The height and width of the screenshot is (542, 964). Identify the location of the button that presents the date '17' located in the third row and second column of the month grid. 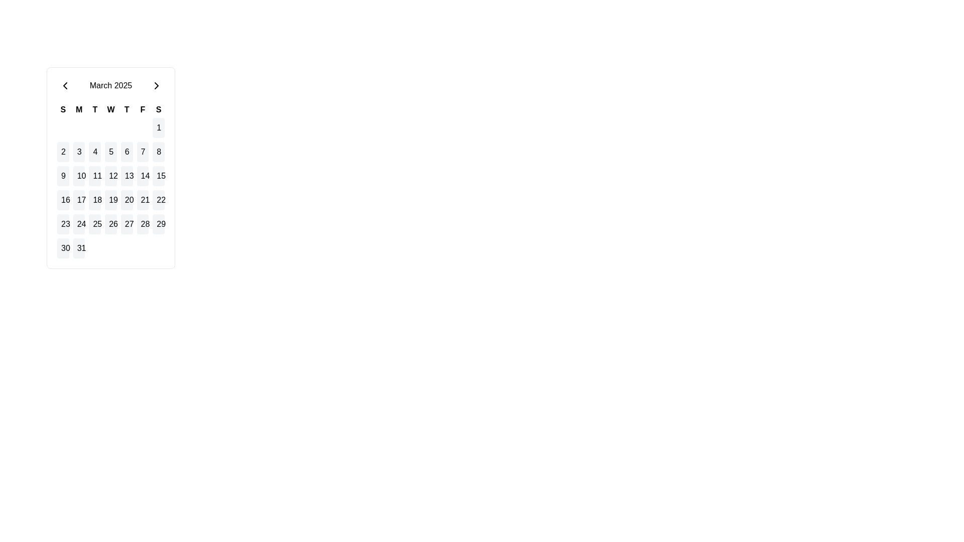
(78, 200).